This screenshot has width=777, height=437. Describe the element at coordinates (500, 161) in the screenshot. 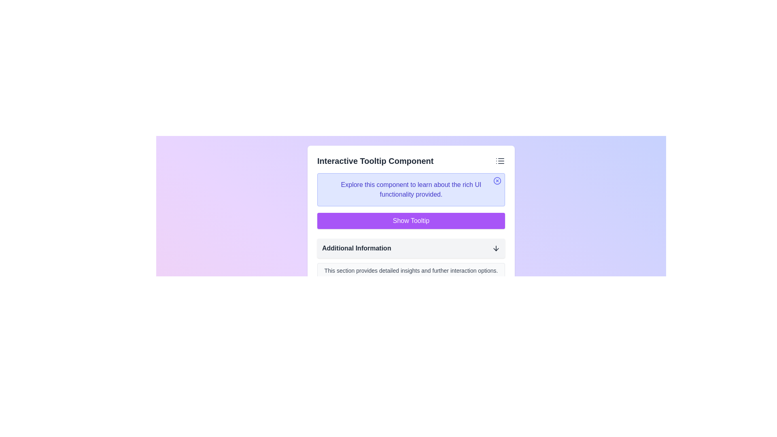

I see `the gray three-line list menu icon located at the far right of the 'Interactive Tooltip Component' header to interact with it` at that location.